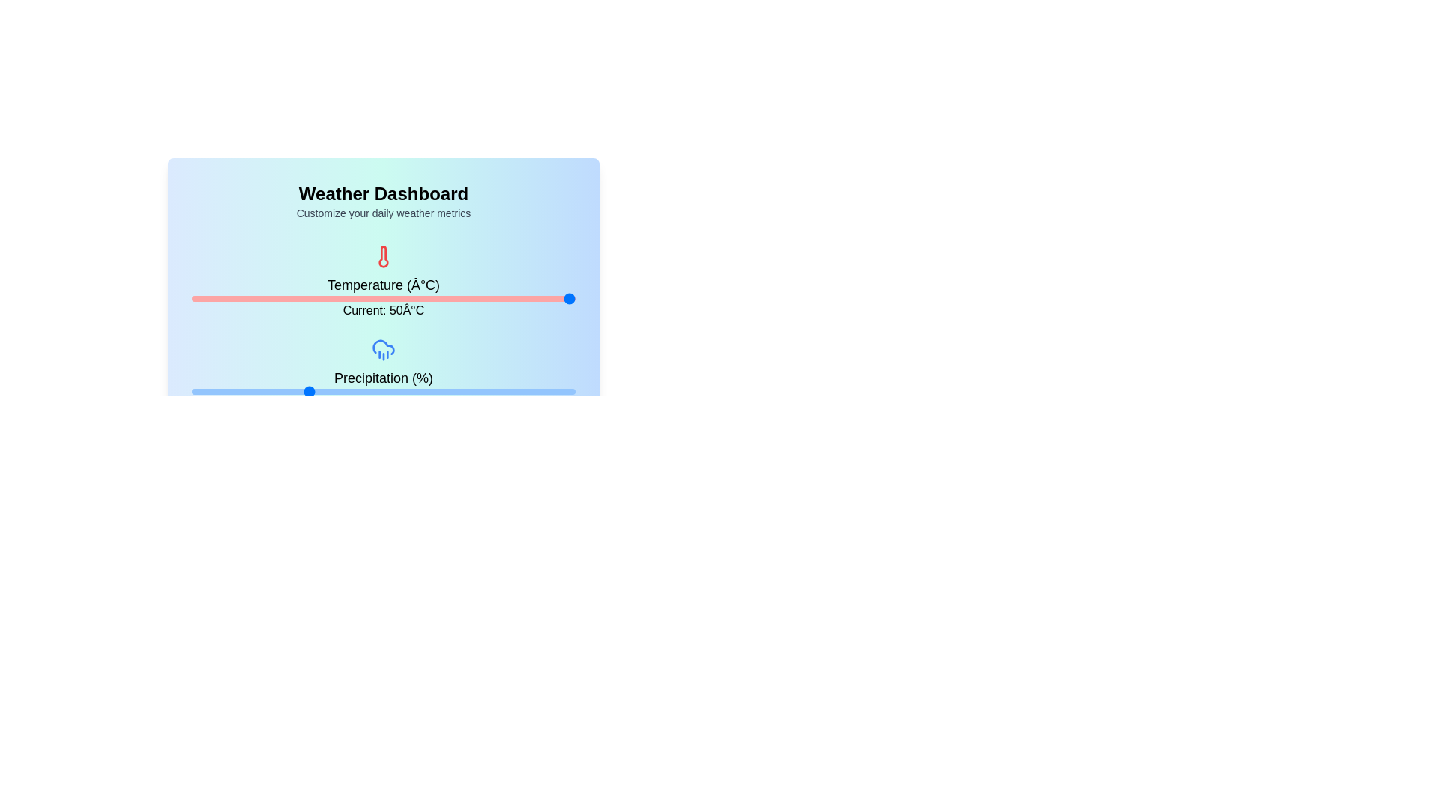  What do you see at coordinates (361, 298) in the screenshot?
I see `temperature` at bounding box center [361, 298].